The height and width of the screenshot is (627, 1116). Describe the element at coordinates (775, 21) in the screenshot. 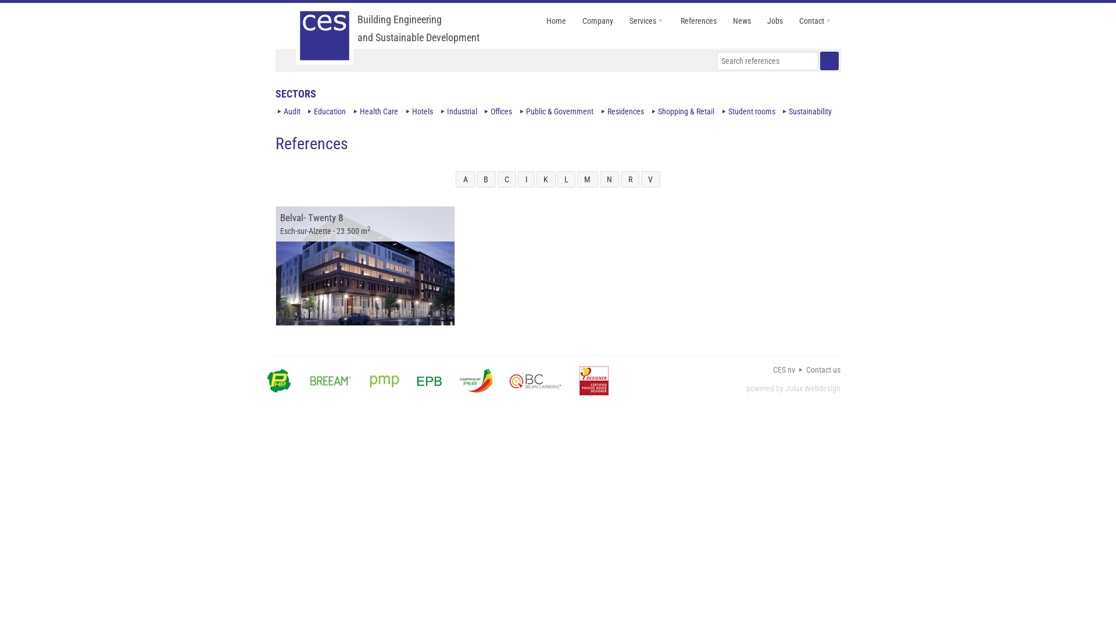

I see `'Jobs'` at that location.